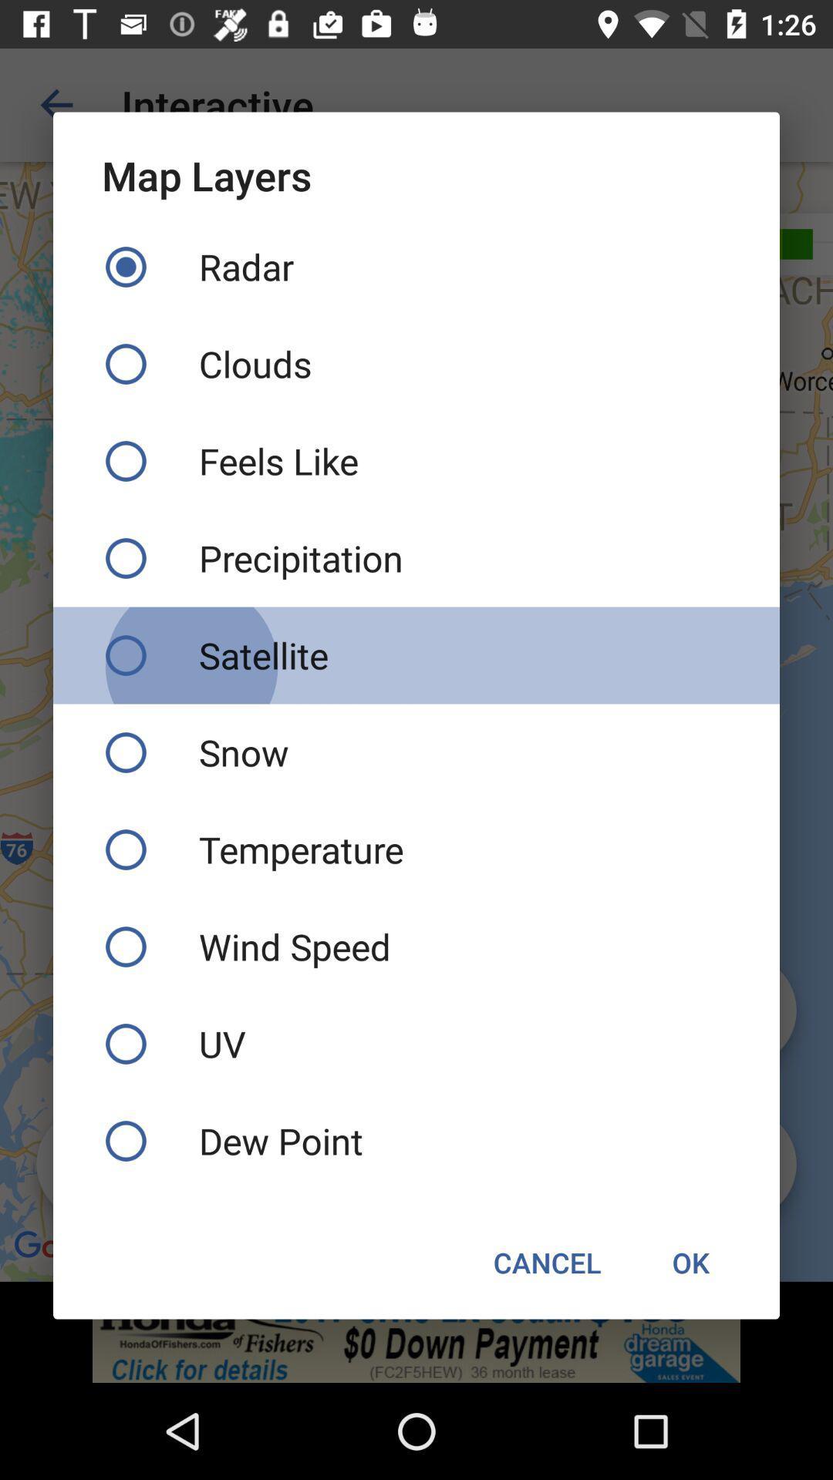 The image size is (833, 1480). I want to click on the cancel icon, so click(546, 1262).